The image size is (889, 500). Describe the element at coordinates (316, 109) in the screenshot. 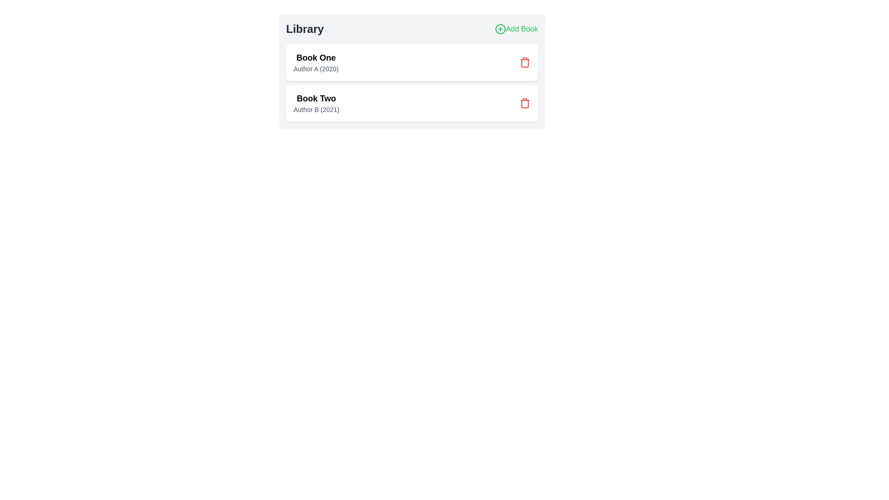

I see `the text label displaying the author and publication year details for the associated book, which is positioned below 'Book Two' in the second card of the 'Library' interface` at that location.